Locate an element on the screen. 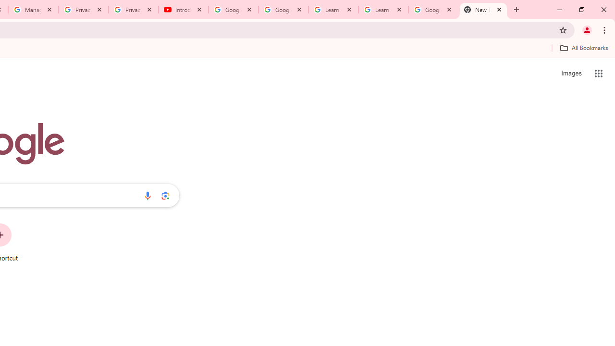 This screenshot has width=615, height=346. 'Search by voice' is located at coordinates (147, 195).